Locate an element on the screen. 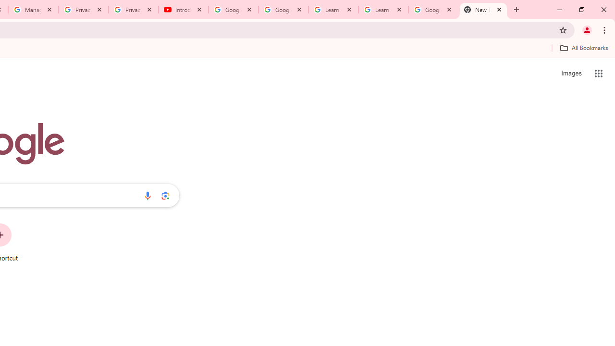 This screenshot has width=615, height=346. 'Search by voice' is located at coordinates (147, 195).